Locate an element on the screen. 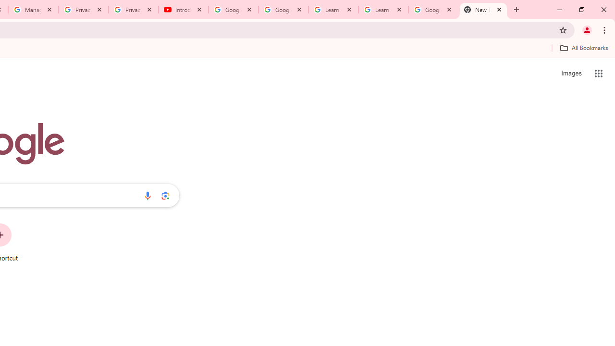 This screenshot has width=615, height=346. 'Search by voice' is located at coordinates (147, 195).